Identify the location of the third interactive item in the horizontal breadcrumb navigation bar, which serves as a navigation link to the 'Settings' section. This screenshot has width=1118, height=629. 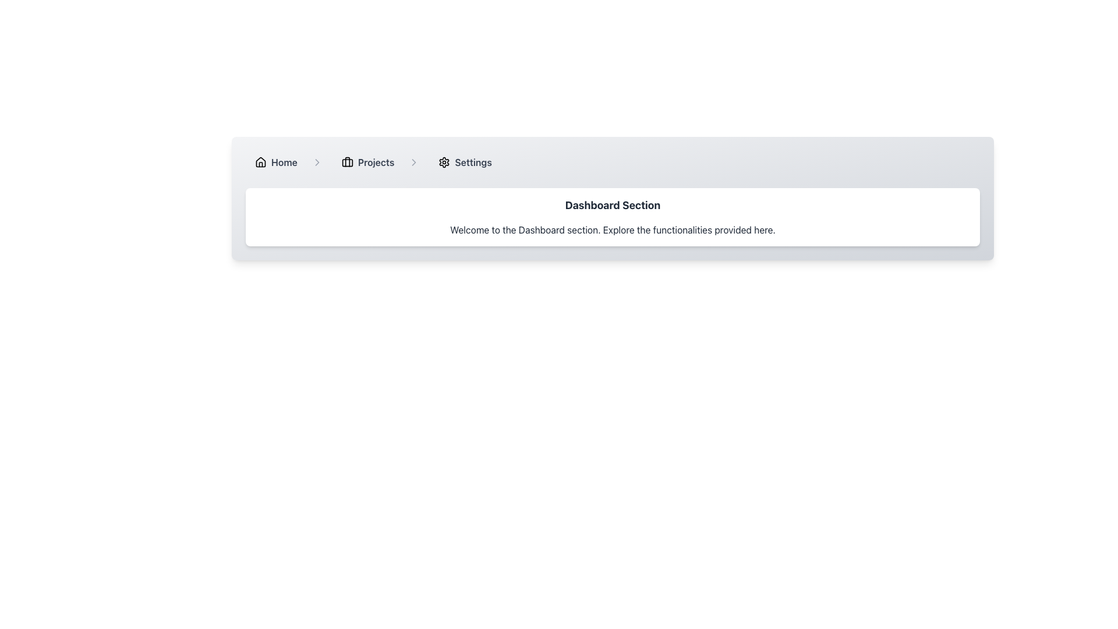
(465, 162).